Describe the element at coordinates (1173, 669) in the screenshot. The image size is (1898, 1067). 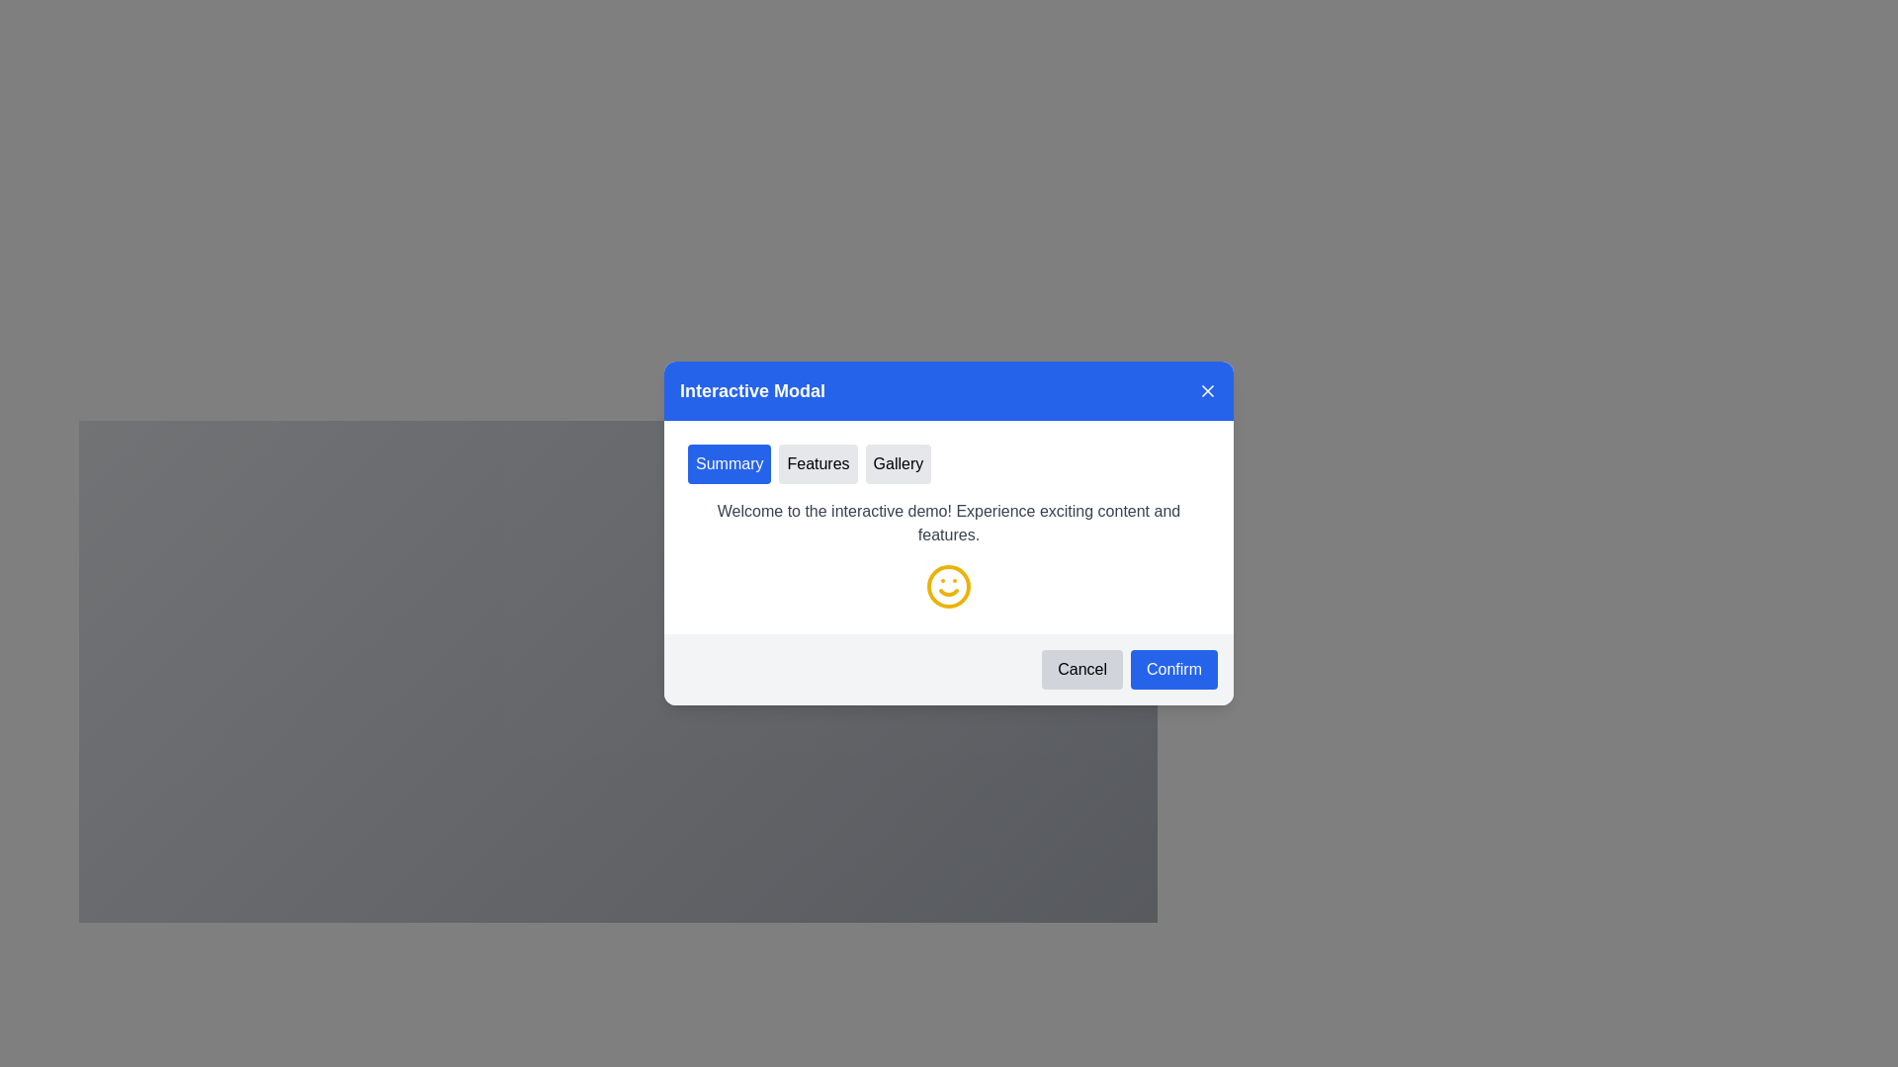
I see `the confirmation button located at the bottom-right corner of the modal dialog, immediately to the right of the gray 'Cancel' button to confirm the action` at that location.